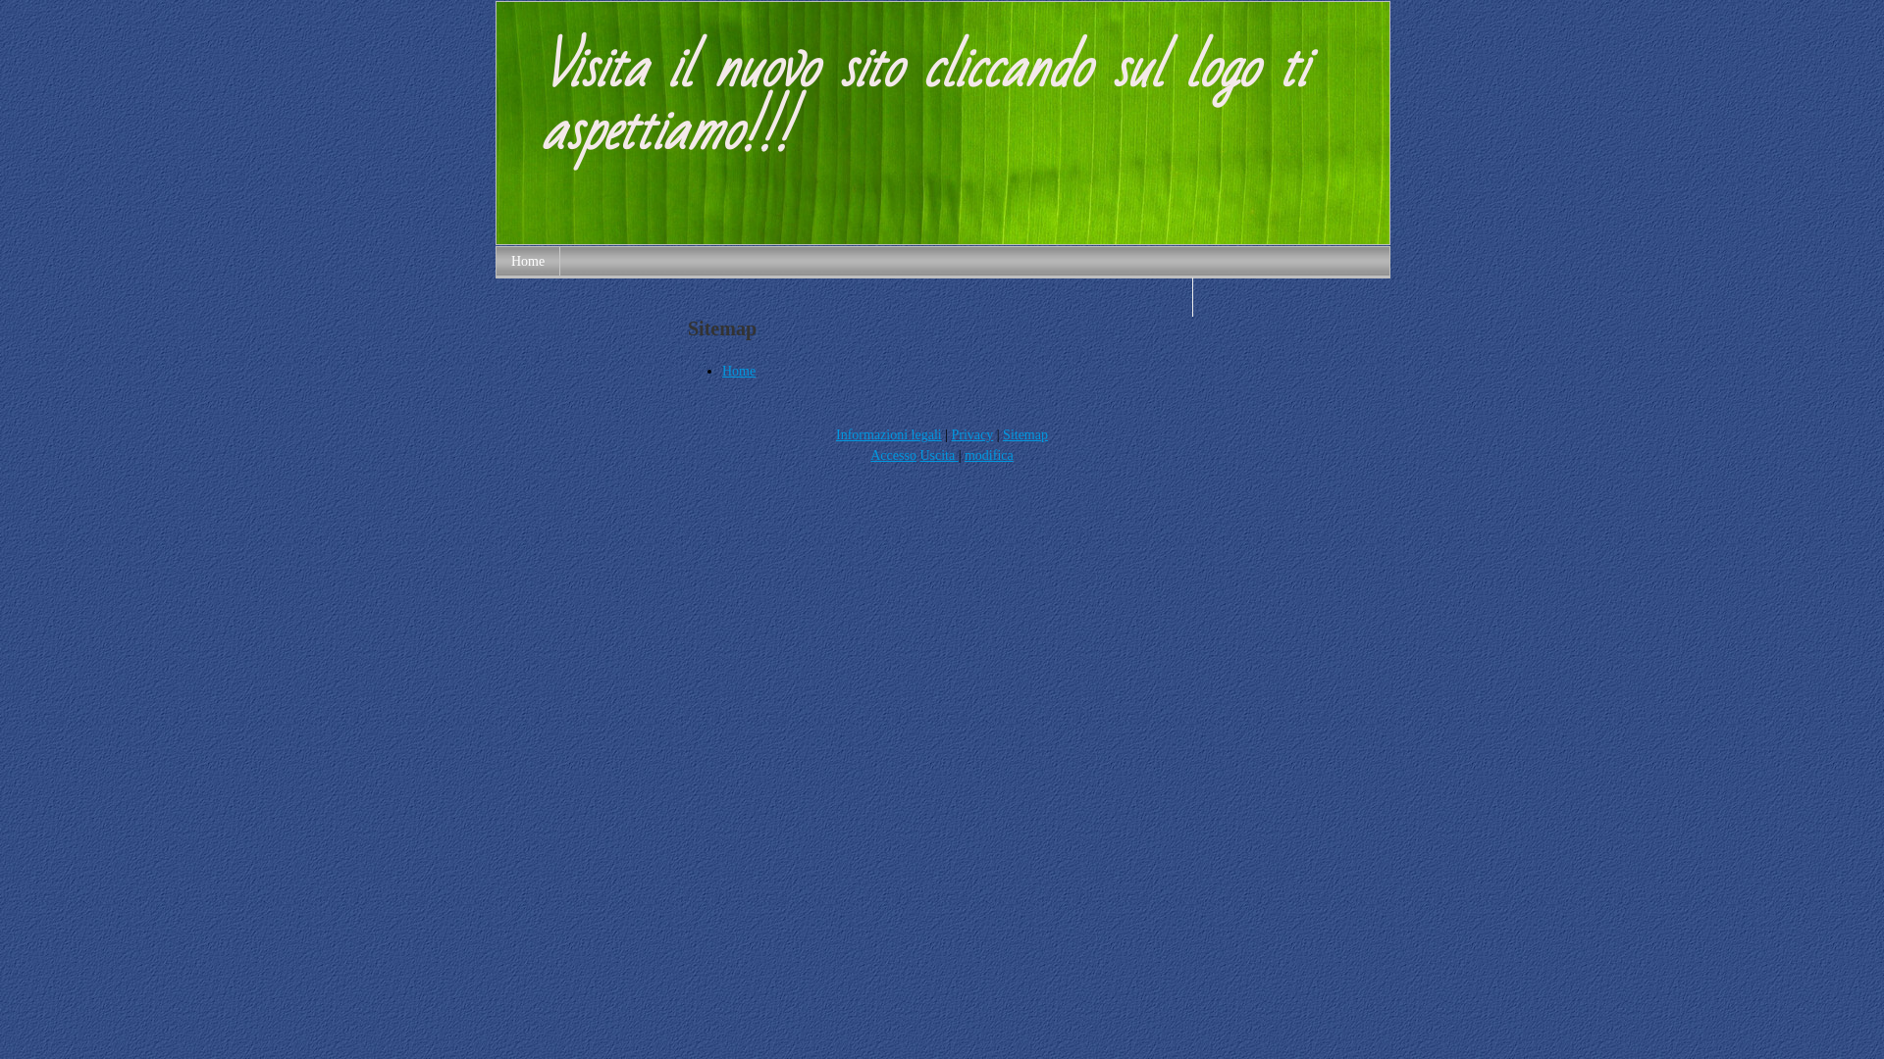  Describe the element at coordinates (720, 371) in the screenshot. I see `'Home'` at that location.